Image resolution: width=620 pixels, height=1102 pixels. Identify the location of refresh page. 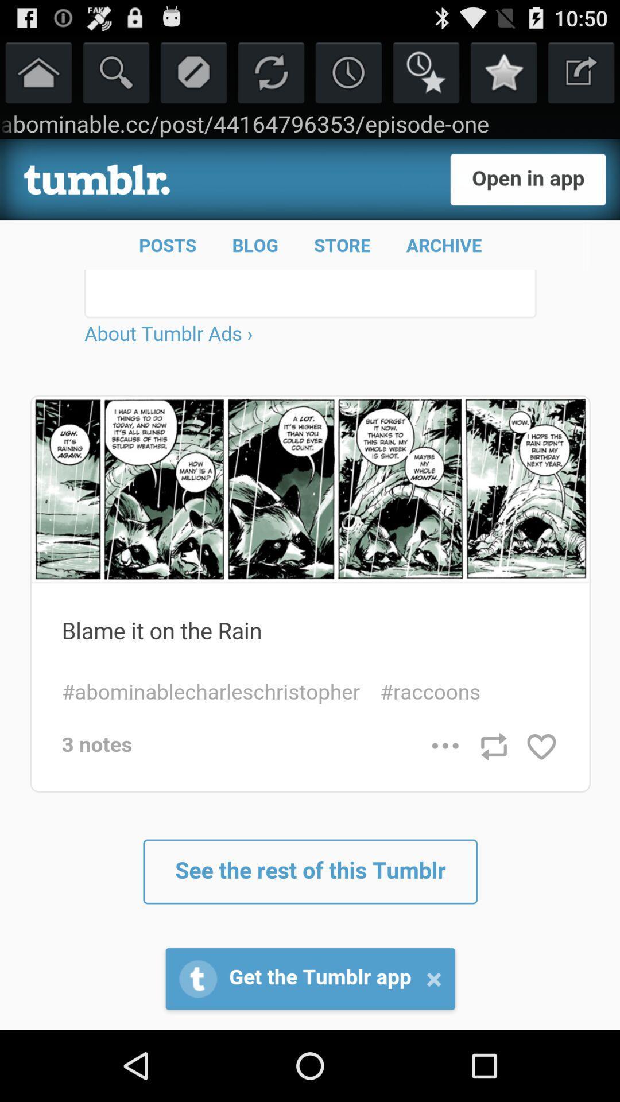
(271, 71).